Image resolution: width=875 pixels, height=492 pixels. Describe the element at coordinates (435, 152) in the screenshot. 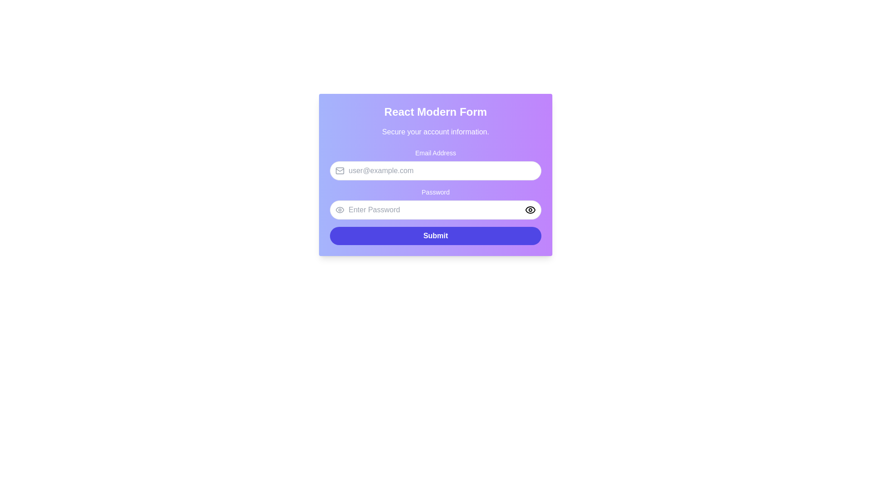

I see `the email input label located at the top-center of the form layout, which indicates that the input field is for entering an email address` at that location.